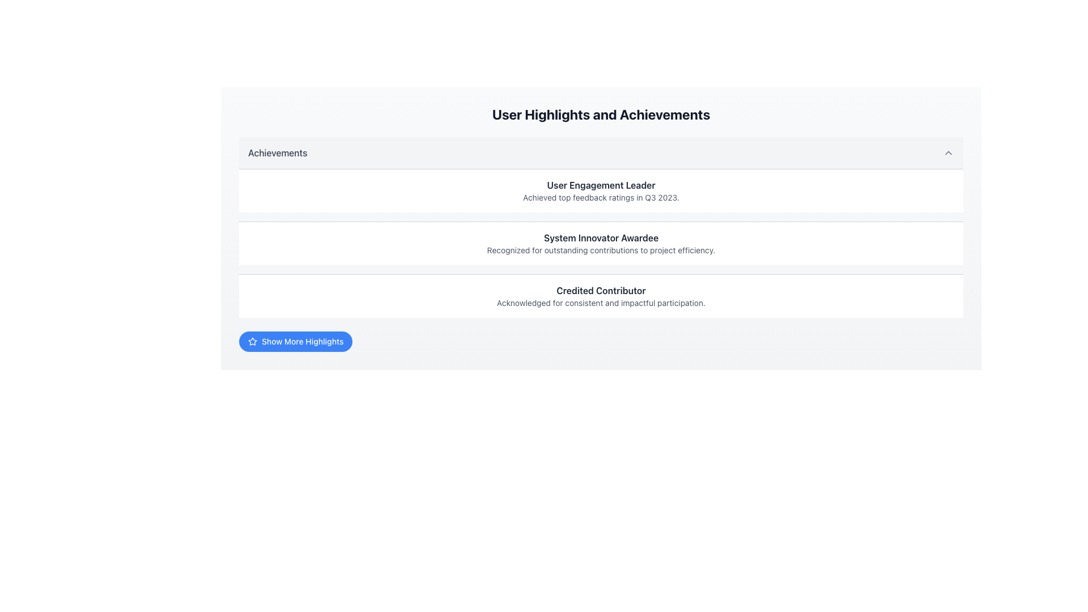  Describe the element at coordinates (600, 190) in the screenshot. I see `the Informational Card titled 'User Engagement Leader' which features a bold title and a subtitle, located at the top of the list under 'User Highlights and Achievements'` at that location.